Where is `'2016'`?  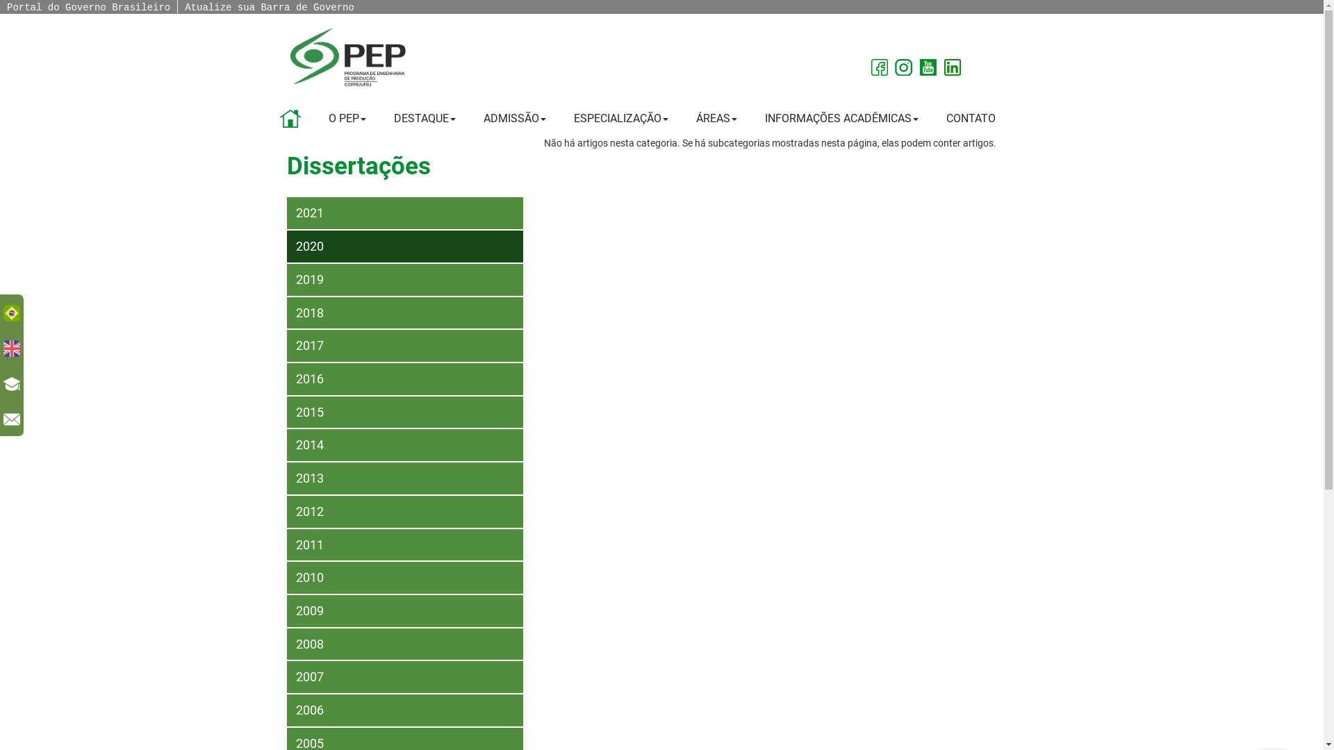
'2016' is located at coordinates (403, 380).